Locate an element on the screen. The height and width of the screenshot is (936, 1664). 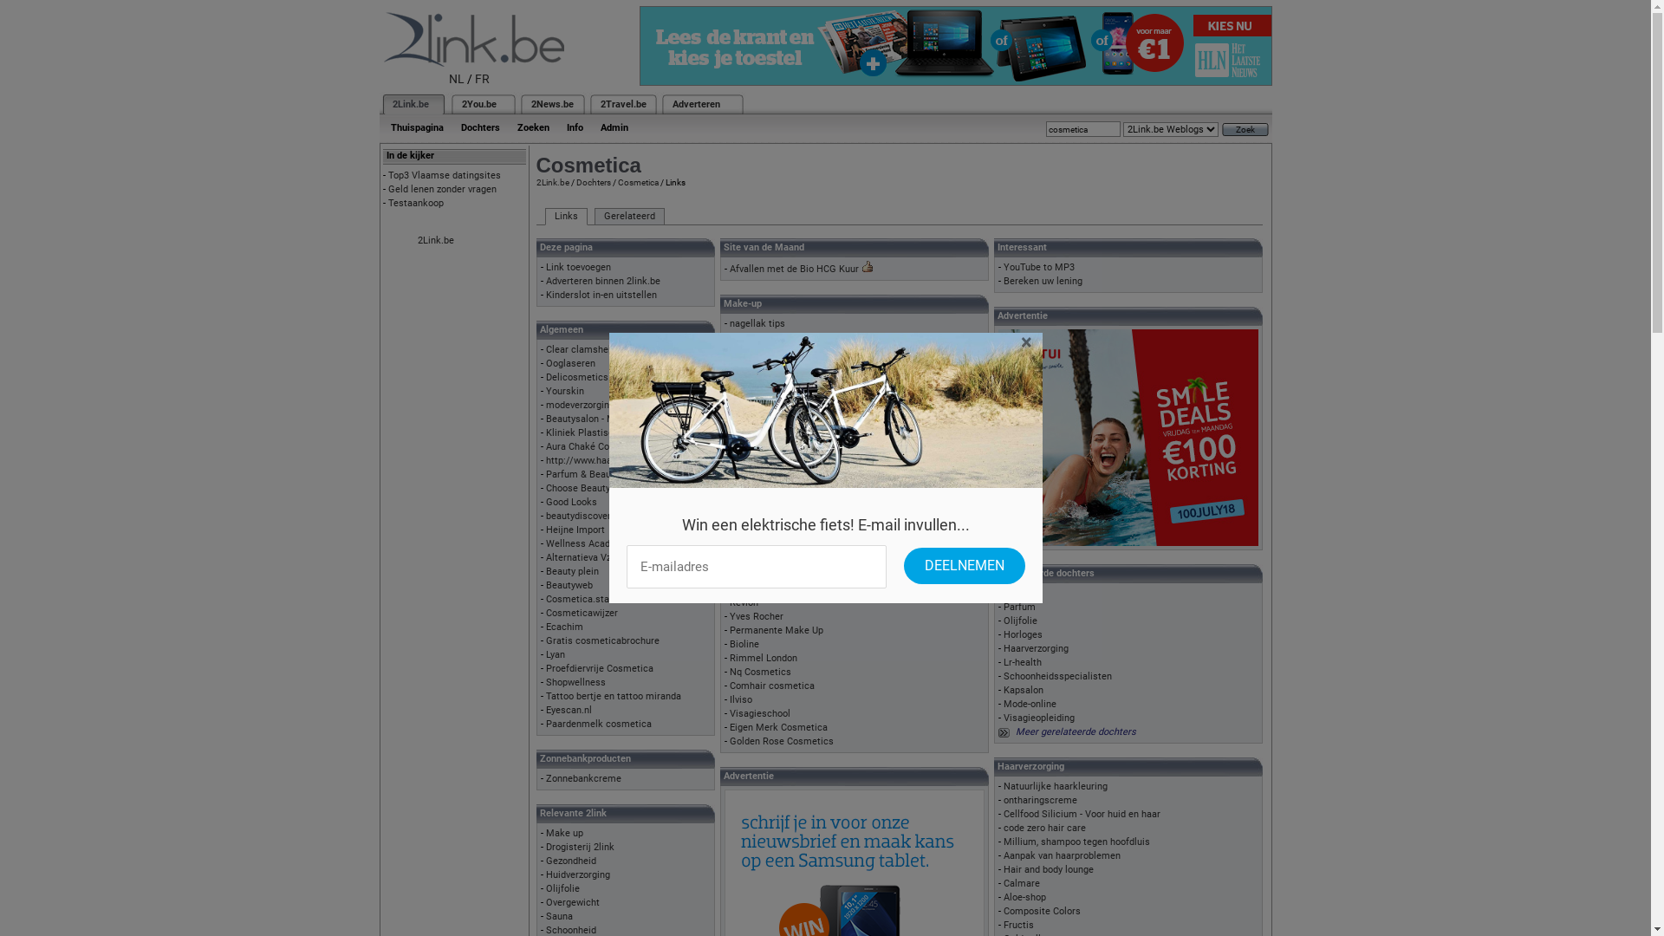
'2You.be' is located at coordinates (478, 104).